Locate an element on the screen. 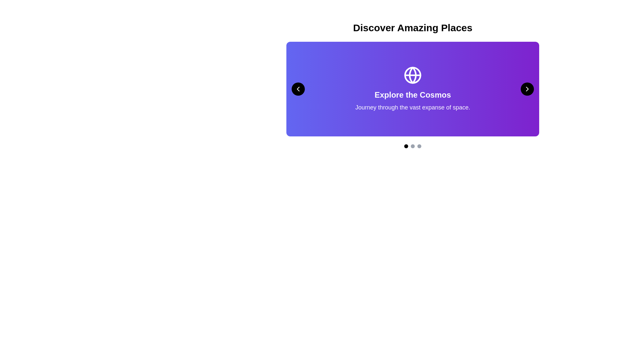 The width and height of the screenshot is (632, 355). the left-pointing chevron icon inside the circular button on the left side of the 'Discover Amazing Places' slideshow is located at coordinates (298, 89).